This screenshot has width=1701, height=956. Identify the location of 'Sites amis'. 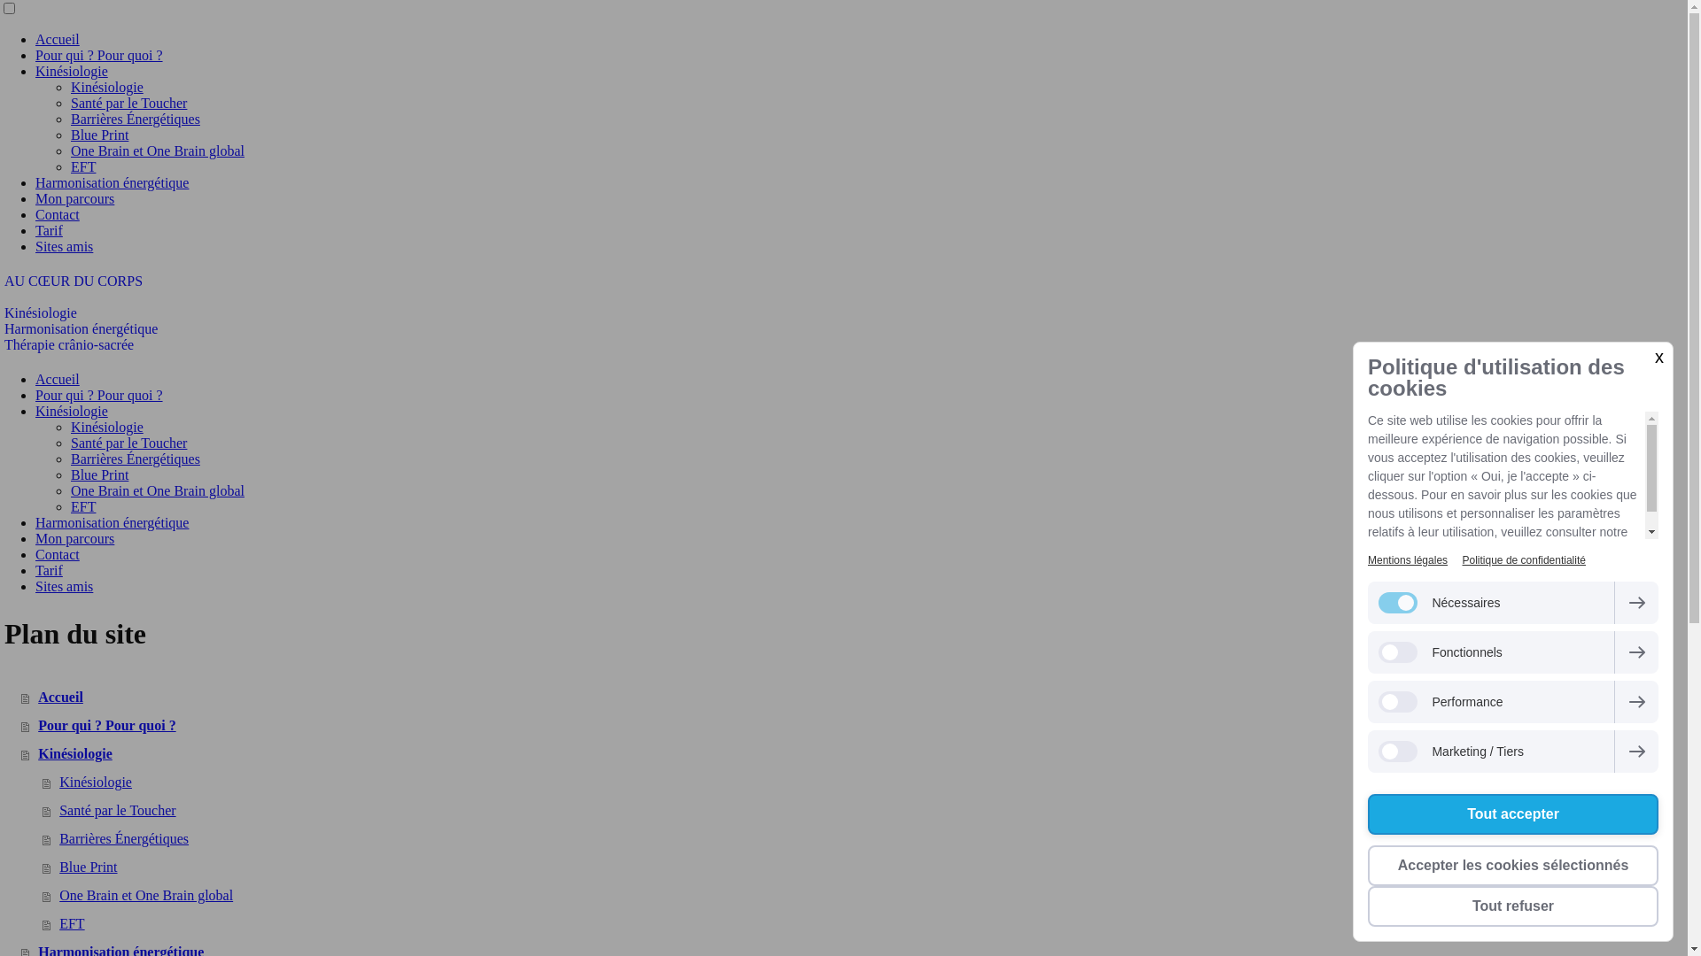
(64, 246).